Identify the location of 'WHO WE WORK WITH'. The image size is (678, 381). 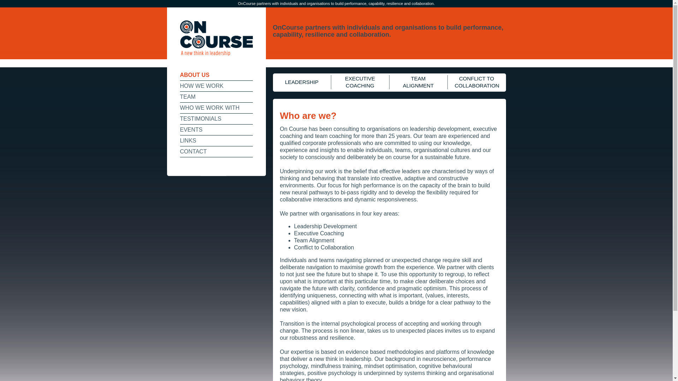
(216, 108).